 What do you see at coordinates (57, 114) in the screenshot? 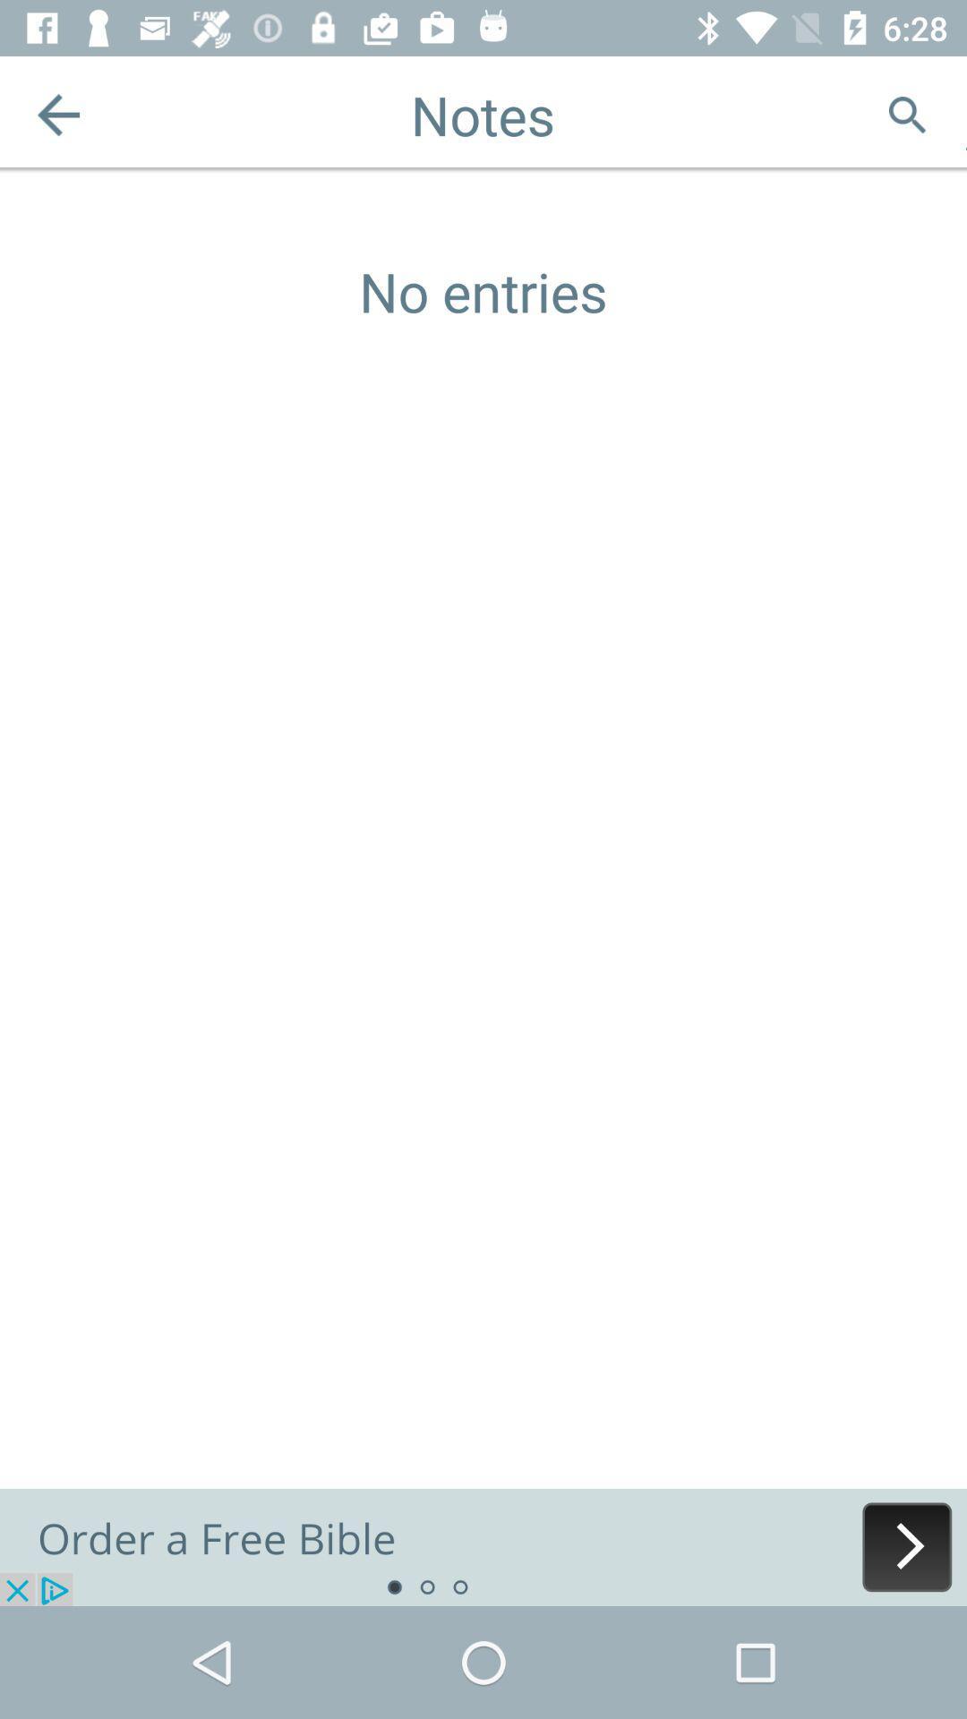
I see `the arrow_backward icon` at bounding box center [57, 114].